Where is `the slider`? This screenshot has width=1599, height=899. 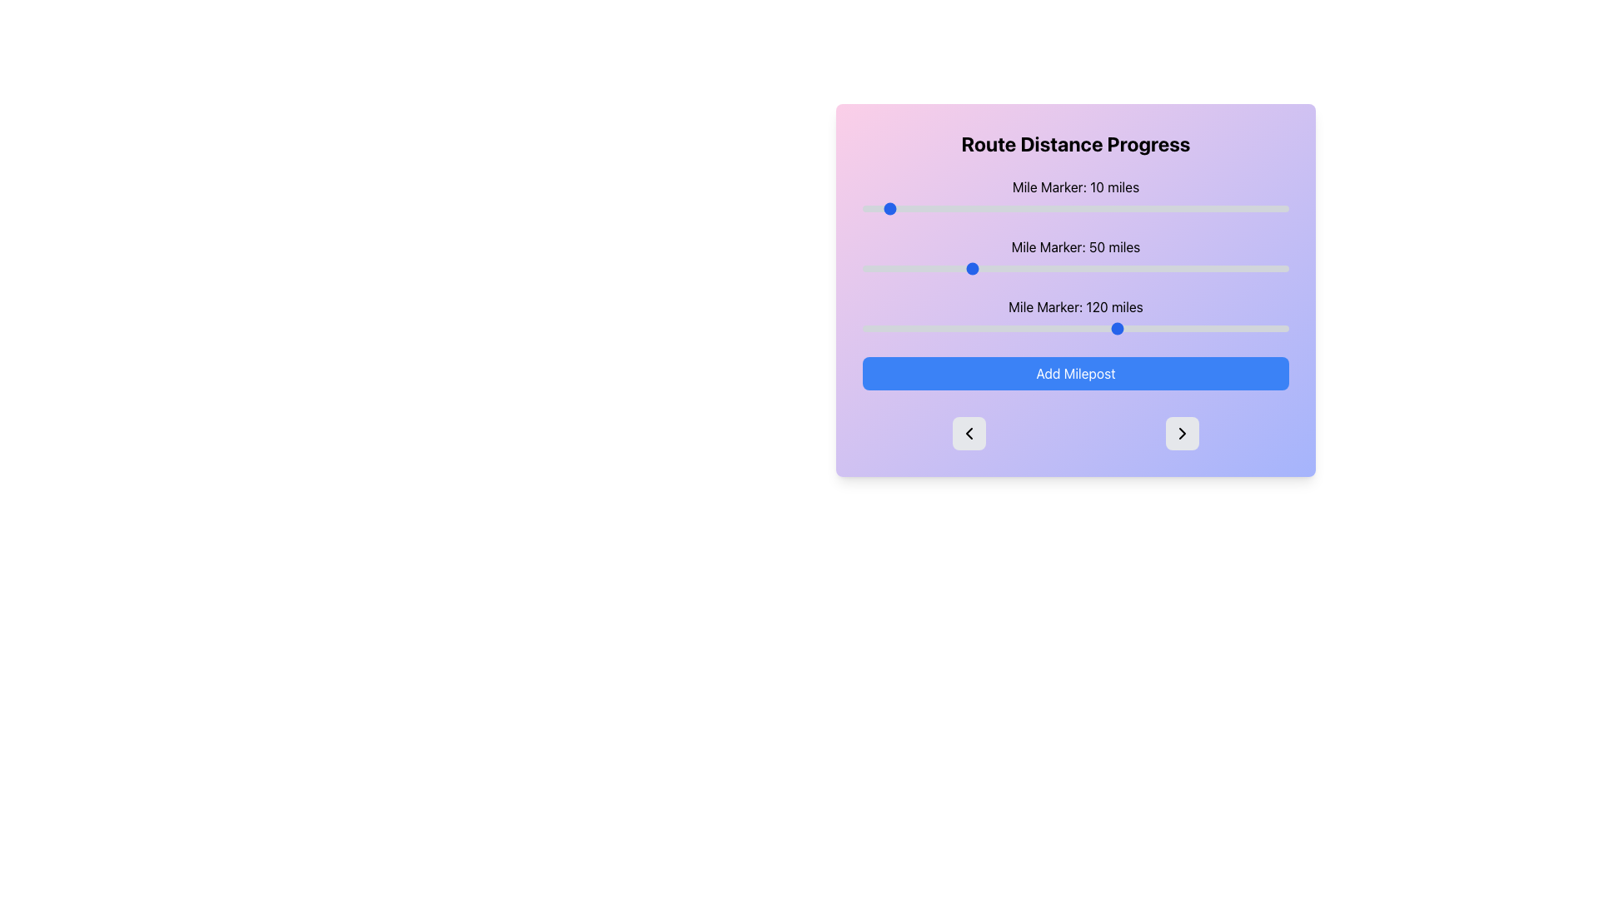
the slider is located at coordinates (933, 207).